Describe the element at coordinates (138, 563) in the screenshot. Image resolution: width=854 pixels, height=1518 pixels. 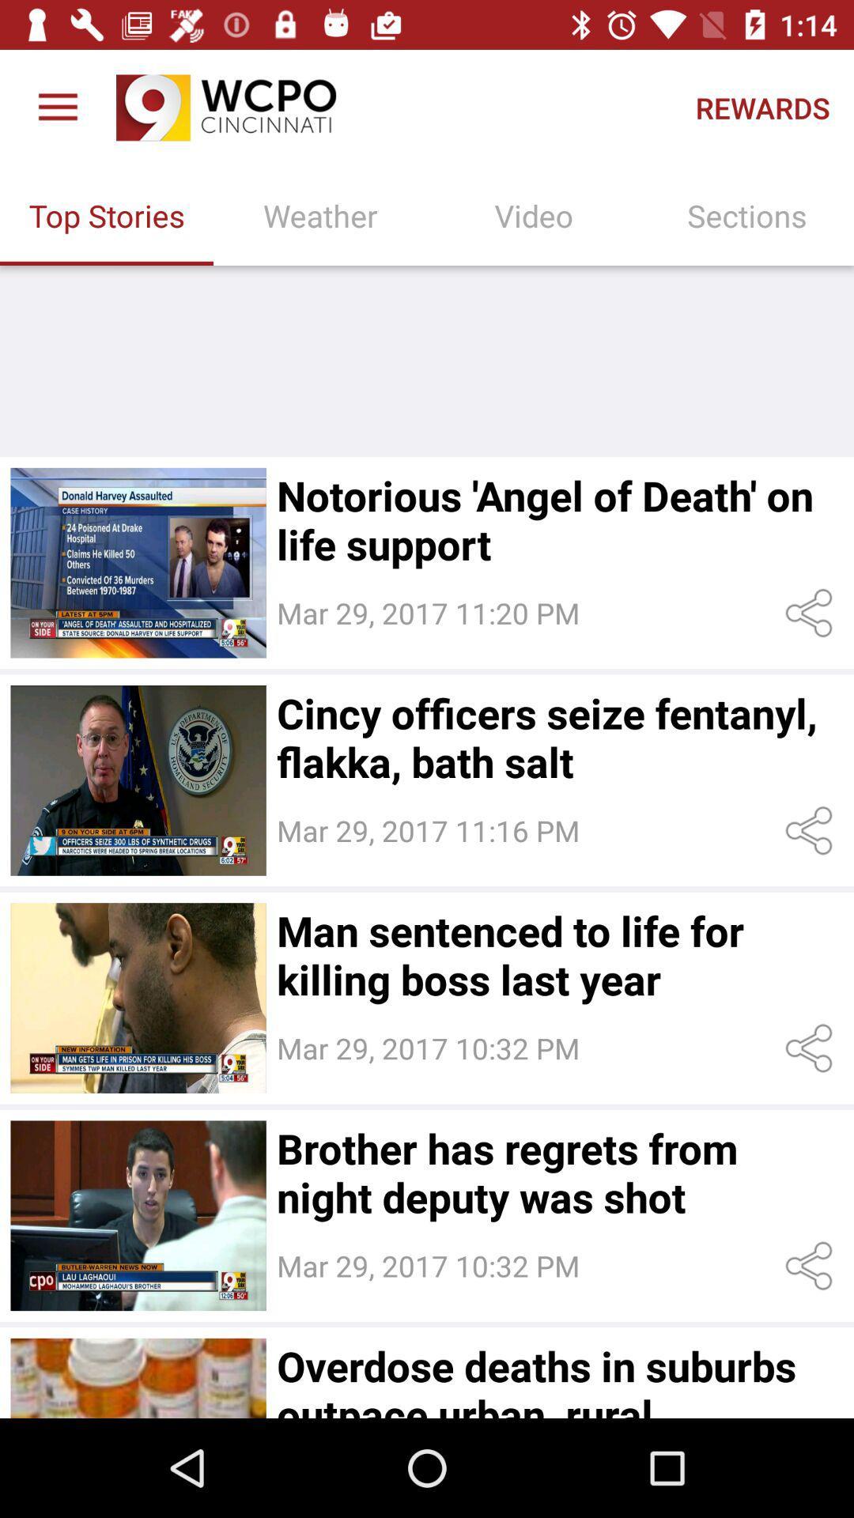
I see `top stories` at that location.